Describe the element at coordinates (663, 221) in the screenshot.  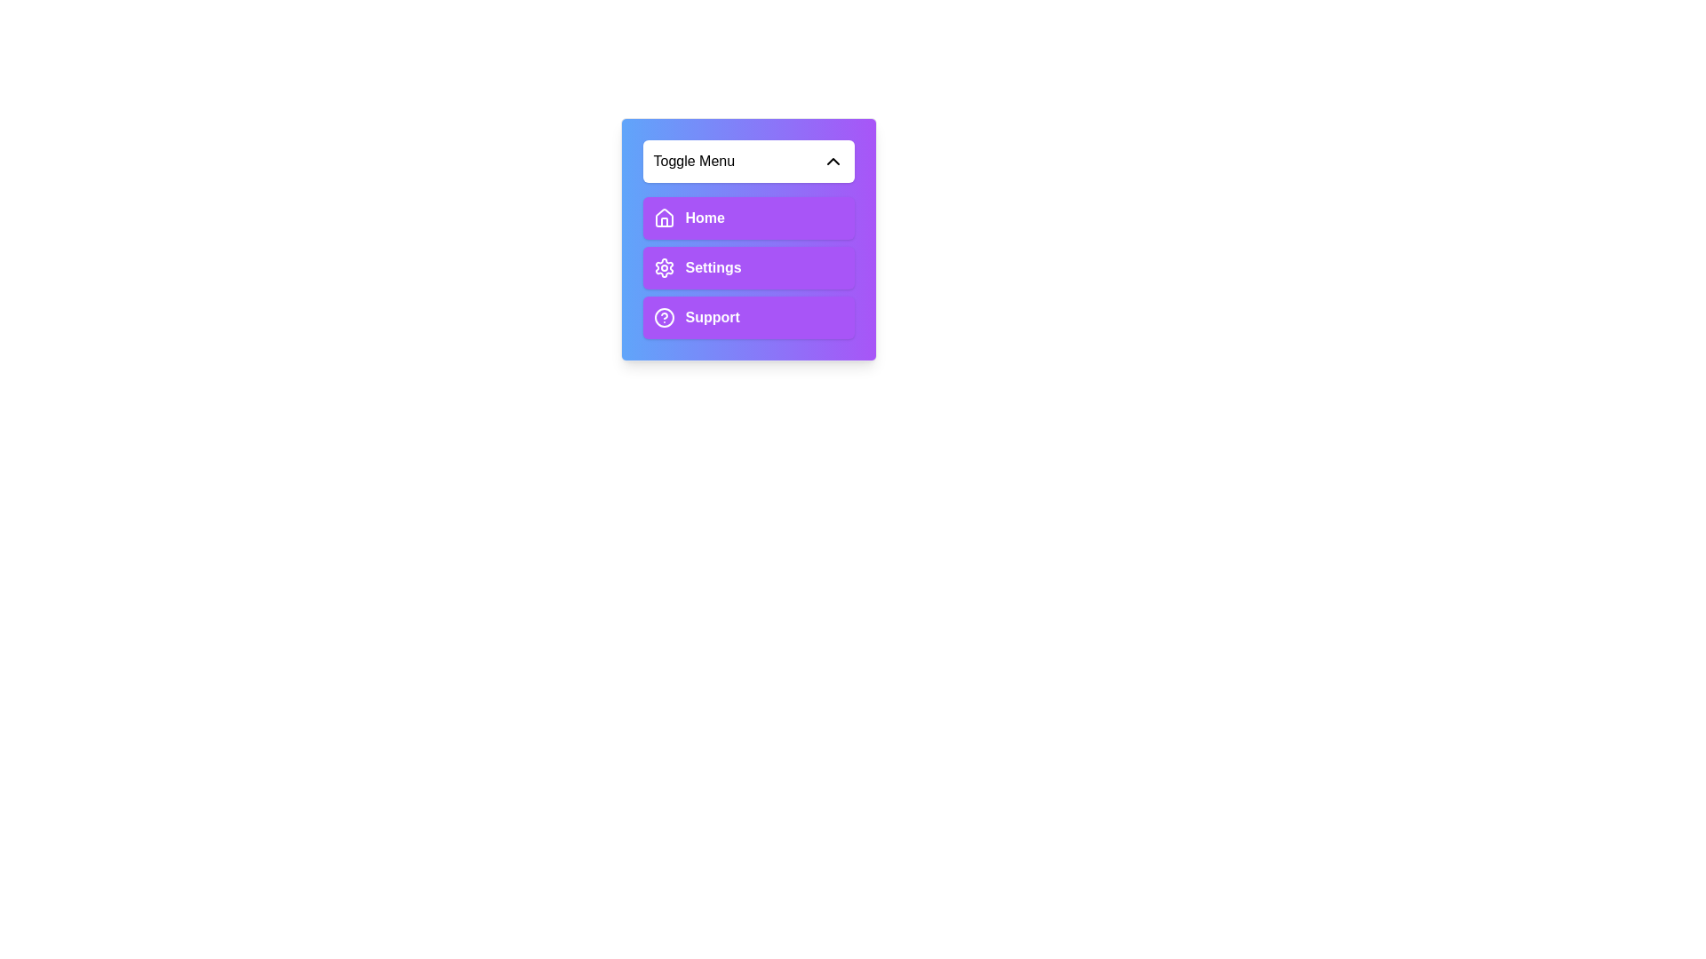
I see `the house icon located to the left of the 'Home' text label` at that location.